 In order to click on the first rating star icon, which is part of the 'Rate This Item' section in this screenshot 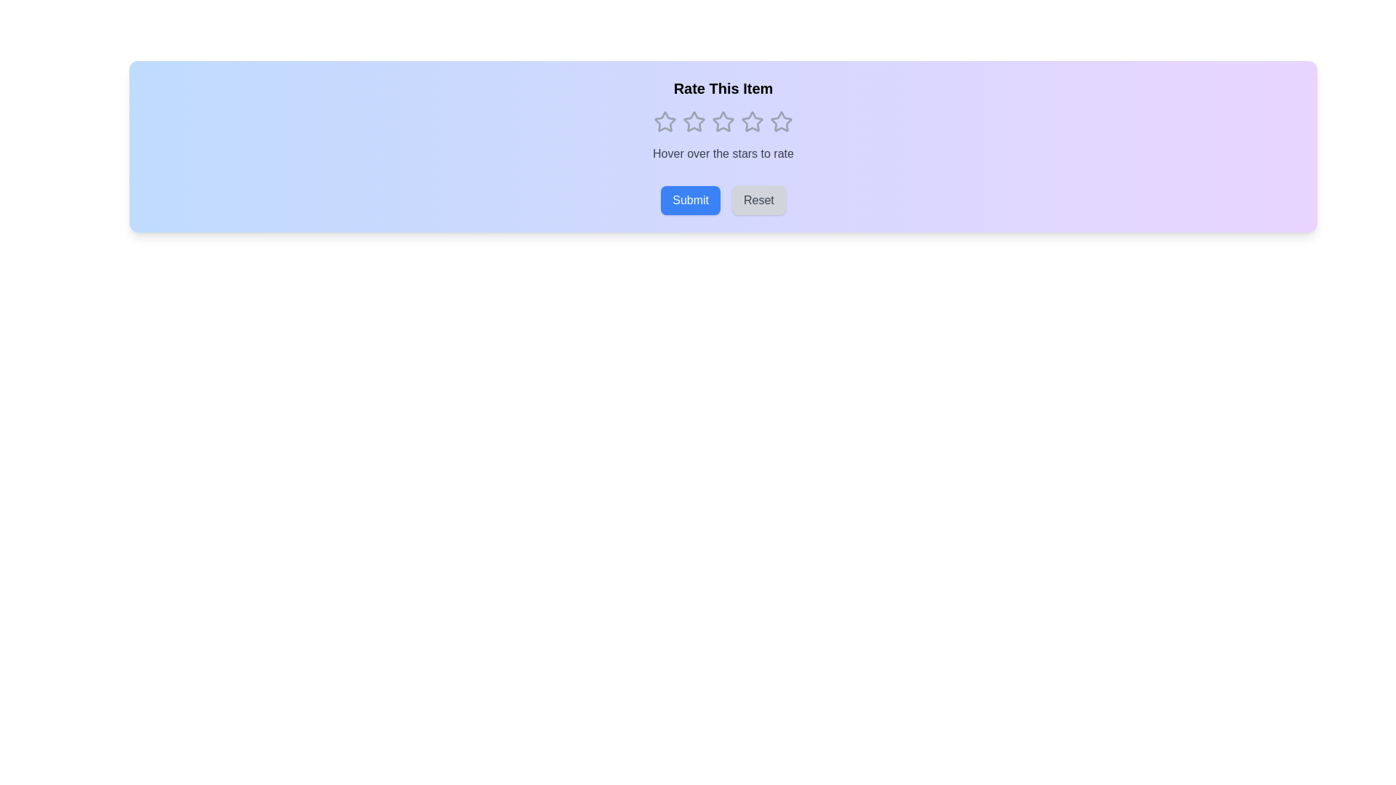, I will do `click(694, 121)`.